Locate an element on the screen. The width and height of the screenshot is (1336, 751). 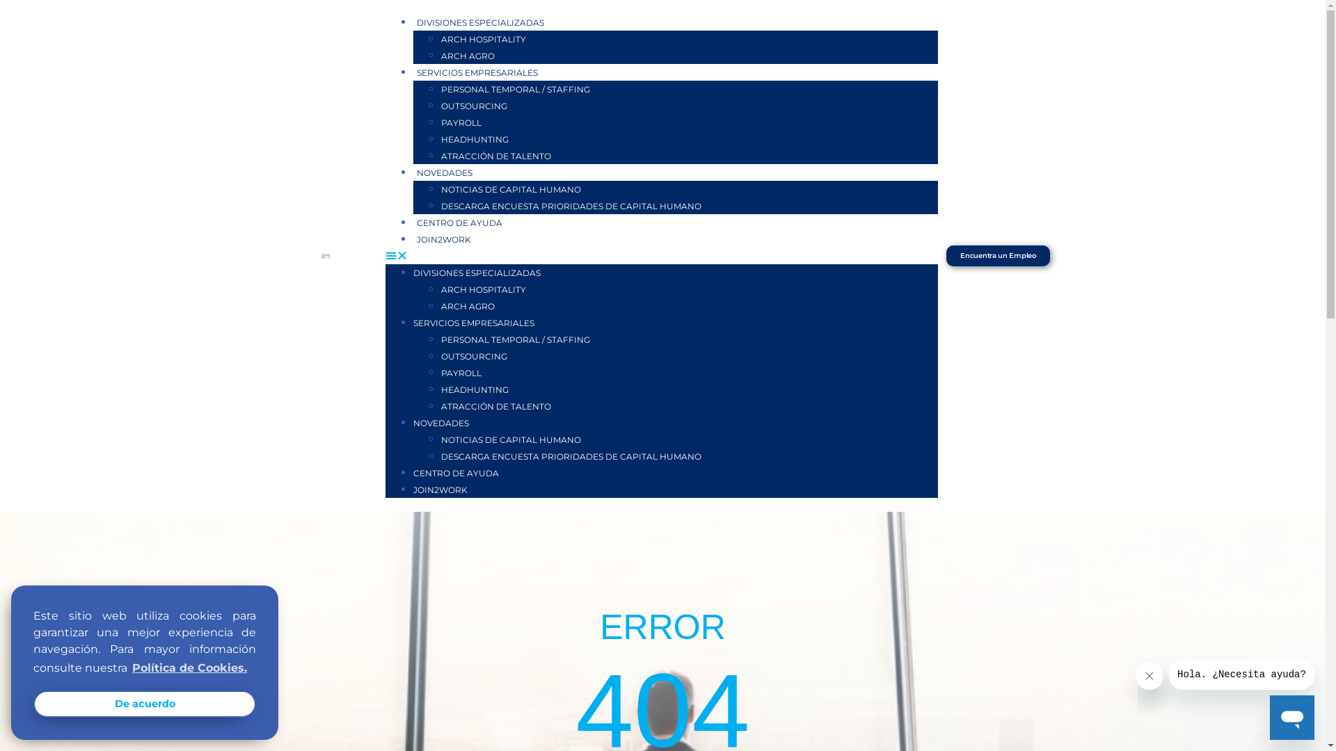
'ARCH AGRO' is located at coordinates (440, 305).